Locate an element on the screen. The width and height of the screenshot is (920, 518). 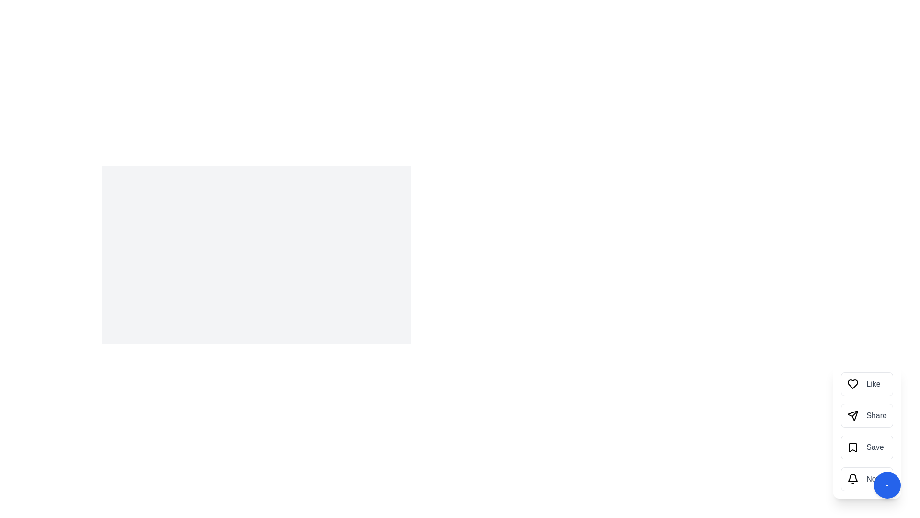
the 'Save' text label, which is styled with a medium weight font and gray color, located in the vertically-aligned menu of options, specifically the third option below 'Share' and above 'Notification' is located at coordinates (875, 447).